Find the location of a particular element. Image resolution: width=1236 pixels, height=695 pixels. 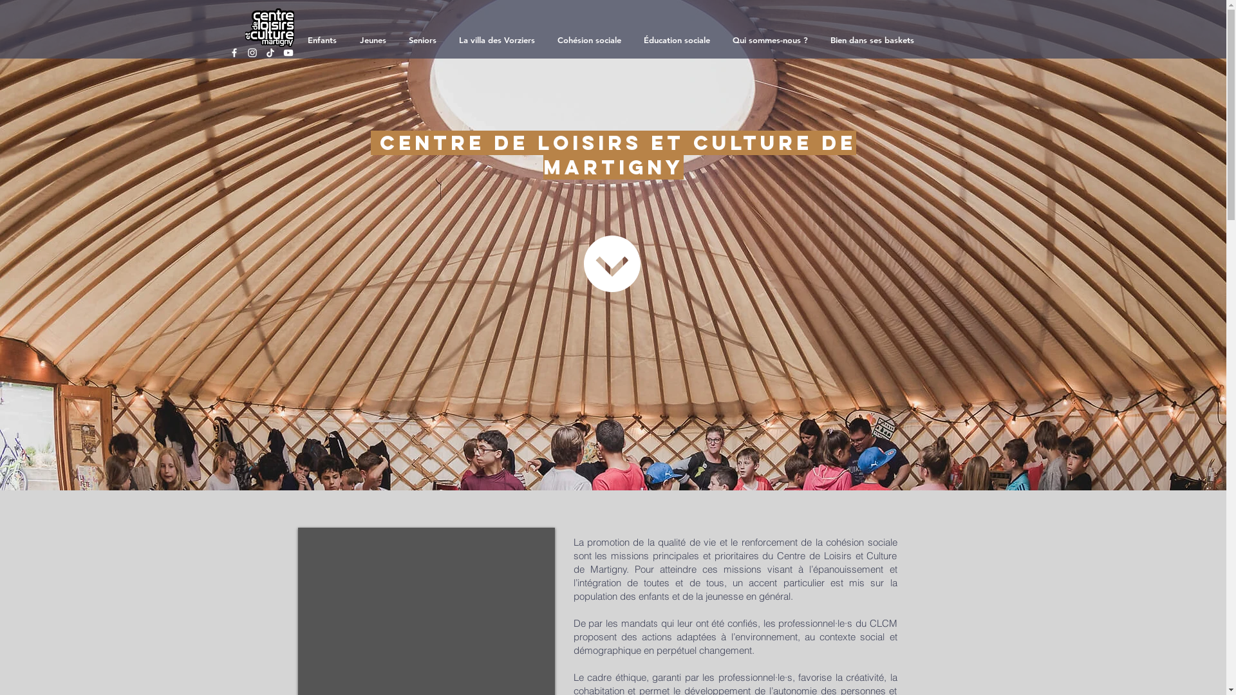

'Bien dans ses baskets' is located at coordinates (874, 39).